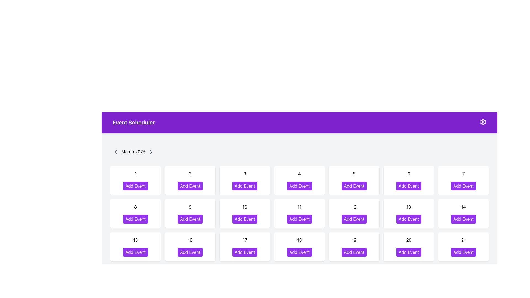 The image size is (530, 298). What do you see at coordinates (151, 152) in the screenshot?
I see `the small right-facing arrow icon button located to the right of the text 'March 2025'` at bounding box center [151, 152].